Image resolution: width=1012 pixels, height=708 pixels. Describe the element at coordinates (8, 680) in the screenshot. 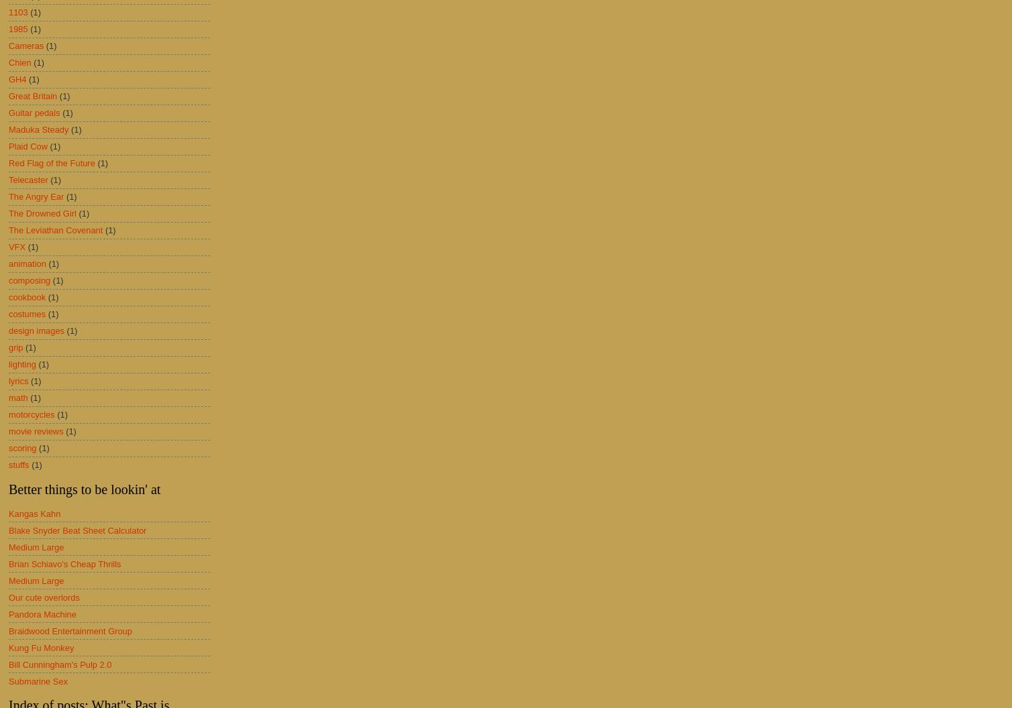

I see `'Submarine Sex'` at that location.